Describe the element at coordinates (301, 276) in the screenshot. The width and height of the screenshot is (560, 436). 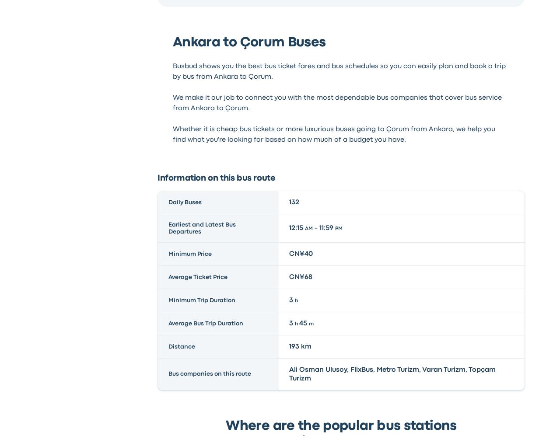
I see `'CN¥68'` at that location.